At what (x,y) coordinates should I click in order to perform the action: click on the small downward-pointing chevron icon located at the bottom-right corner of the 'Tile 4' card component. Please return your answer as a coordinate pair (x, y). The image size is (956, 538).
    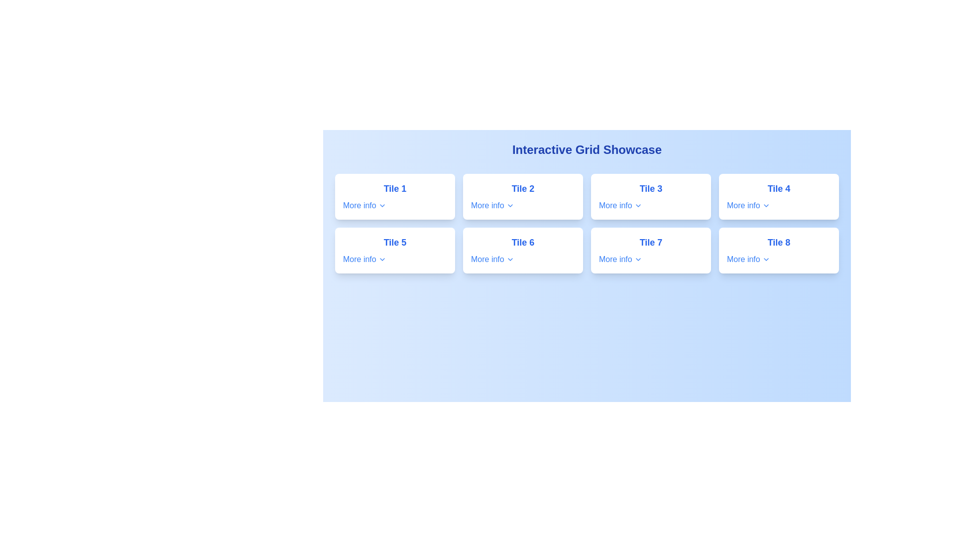
    Looking at the image, I should click on (765, 205).